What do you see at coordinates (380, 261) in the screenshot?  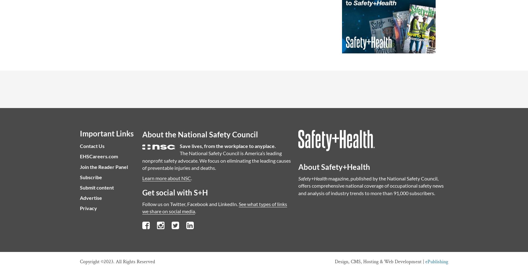 I see `'Design, CMS, Hosting & Web Development |'` at bounding box center [380, 261].